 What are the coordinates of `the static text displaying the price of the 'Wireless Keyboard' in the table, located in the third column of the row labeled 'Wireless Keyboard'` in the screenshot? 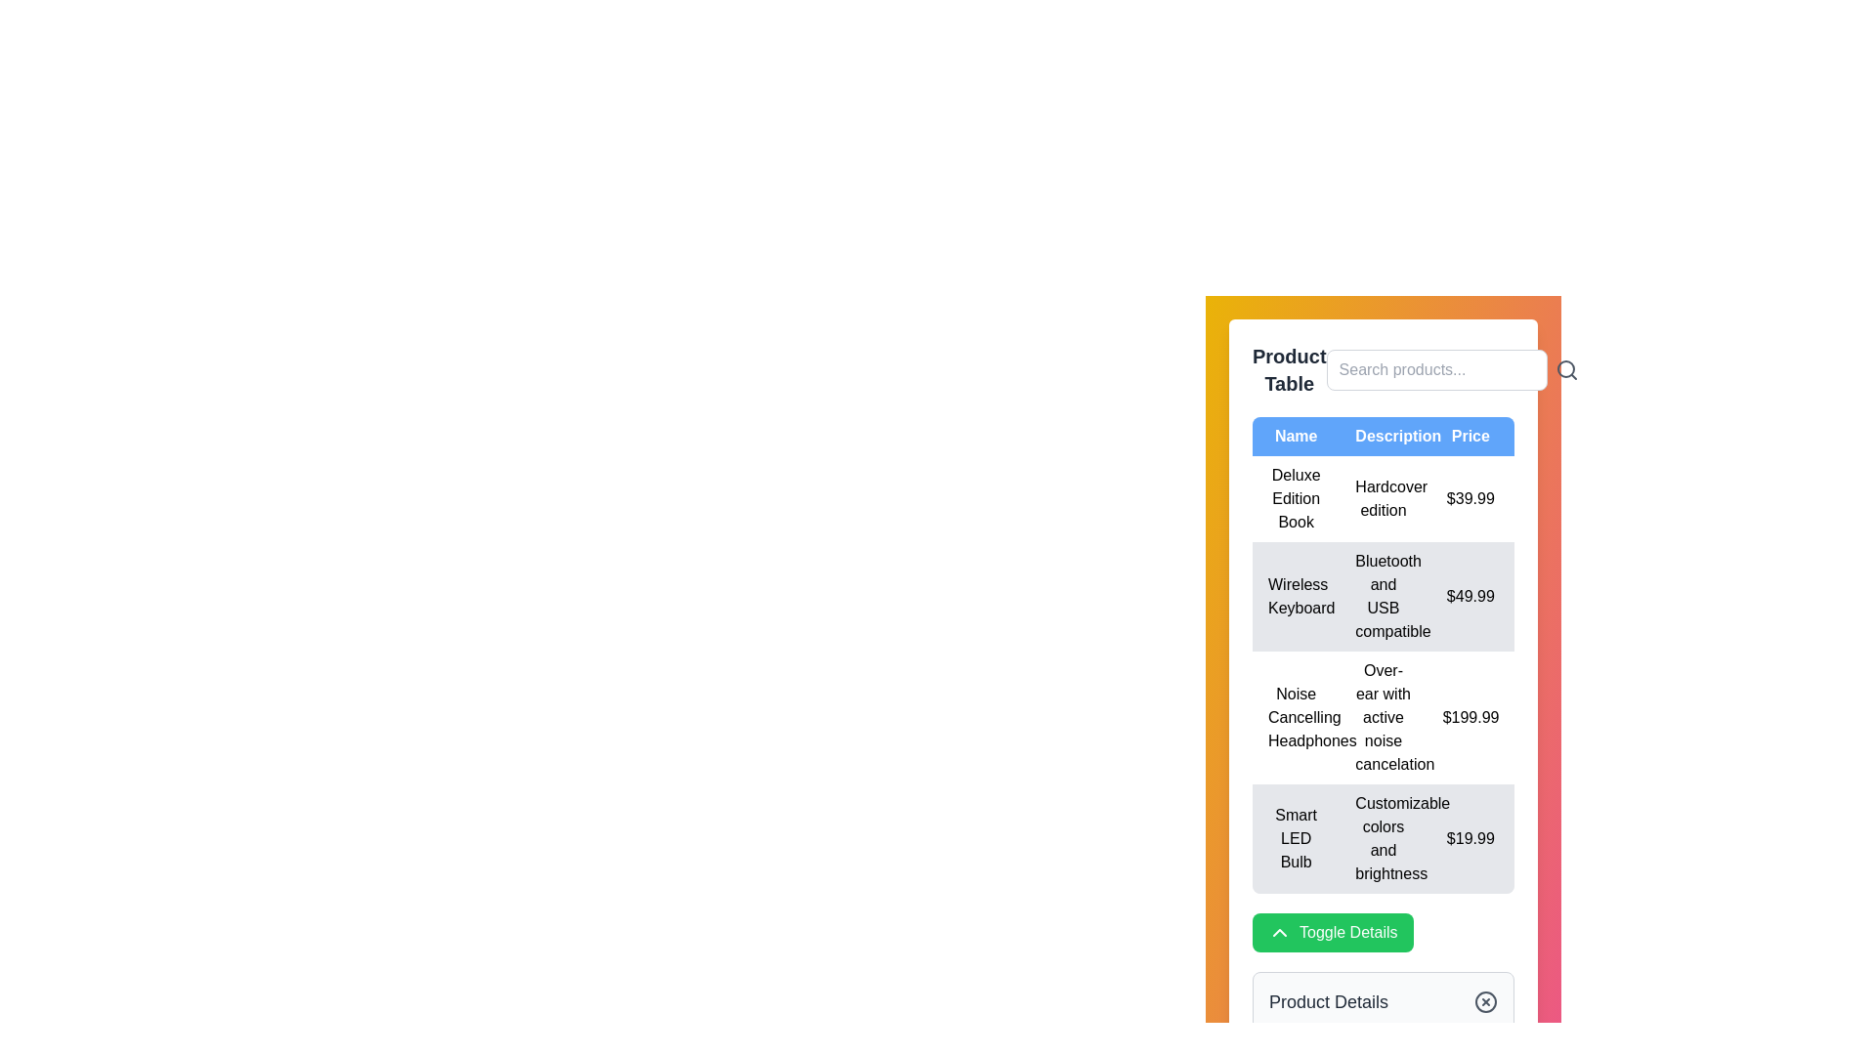 It's located at (1471, 595).